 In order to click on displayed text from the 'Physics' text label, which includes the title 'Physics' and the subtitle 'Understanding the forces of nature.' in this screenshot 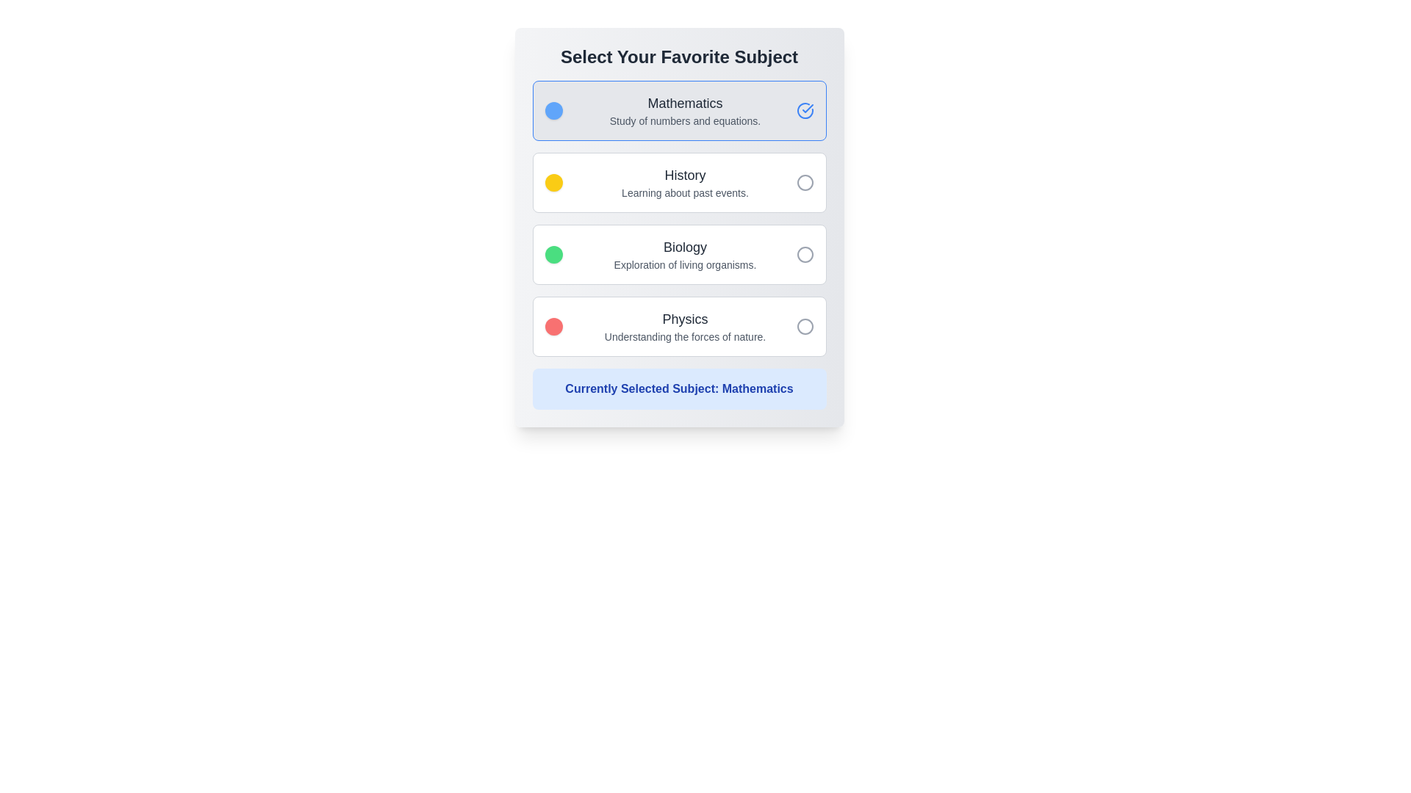, I will do `click(684, 325)`.